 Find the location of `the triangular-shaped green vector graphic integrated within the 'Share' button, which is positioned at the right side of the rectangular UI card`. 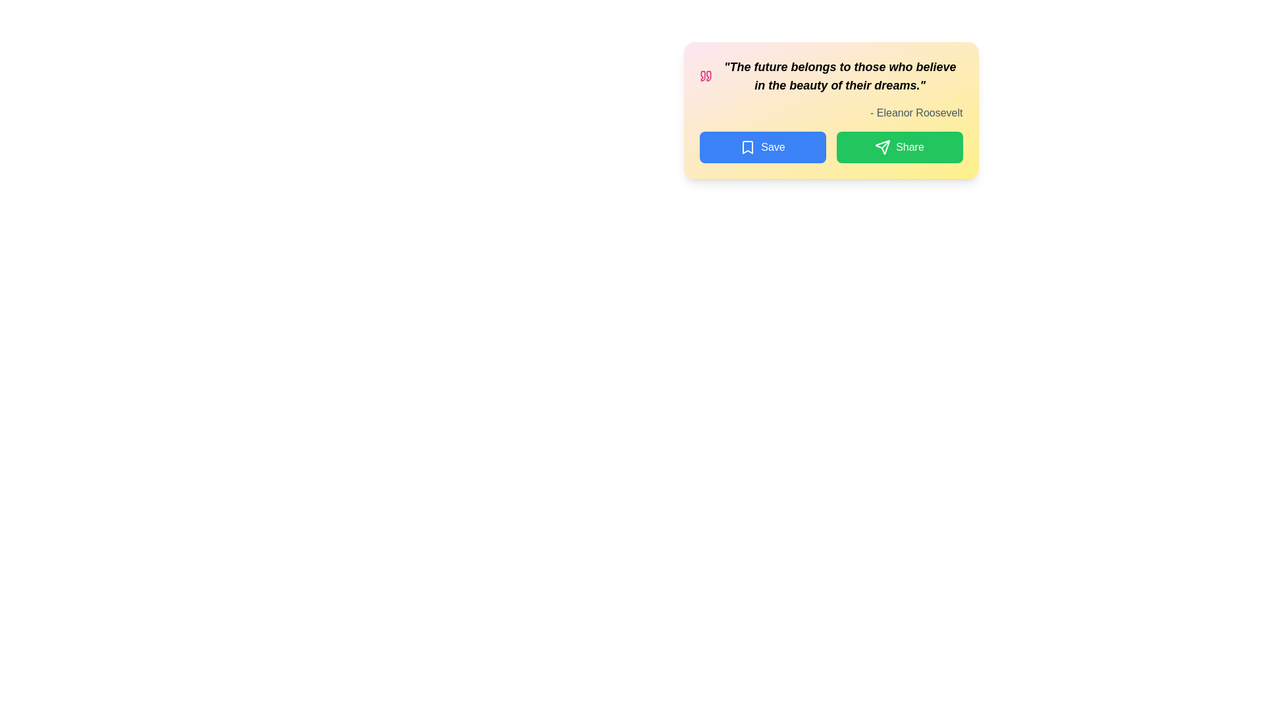

the triangular-shaped green vector graphic integrated within the 'Share' button, which is positioned at the right side of the rectangular UI card is located at coordinates (883, 147).